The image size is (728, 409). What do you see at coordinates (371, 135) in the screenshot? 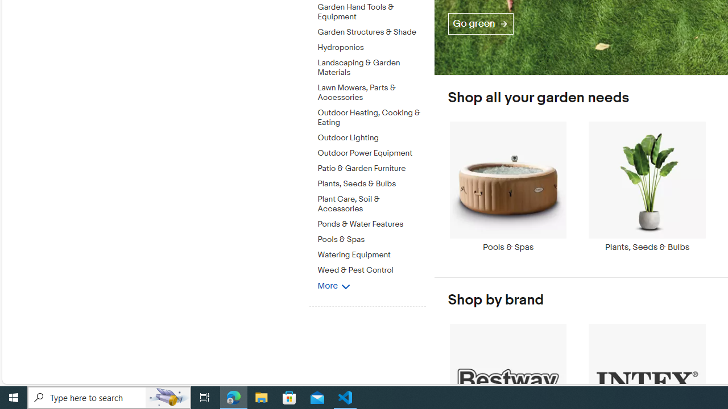
I see `'Outdoor Lighting'` at bounding box center [371, 135].